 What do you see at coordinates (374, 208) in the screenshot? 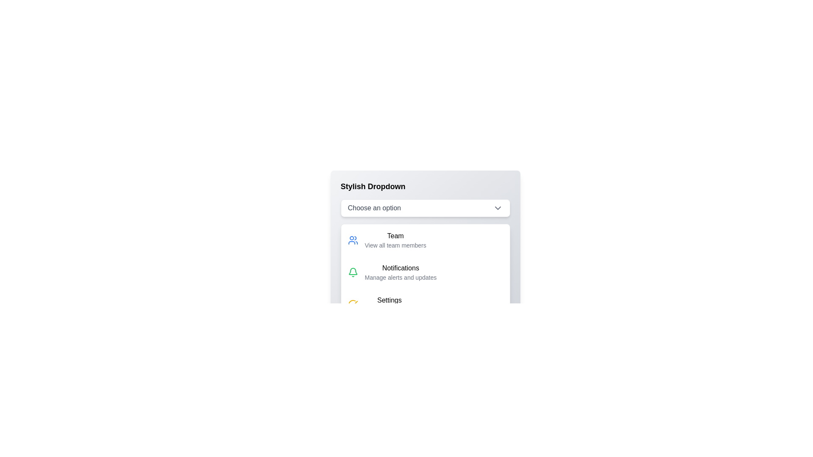
I see `the static text label displaying 'Choose an option' in gray font, located inside the dropdown selector component` at bounding box center [374, 208].